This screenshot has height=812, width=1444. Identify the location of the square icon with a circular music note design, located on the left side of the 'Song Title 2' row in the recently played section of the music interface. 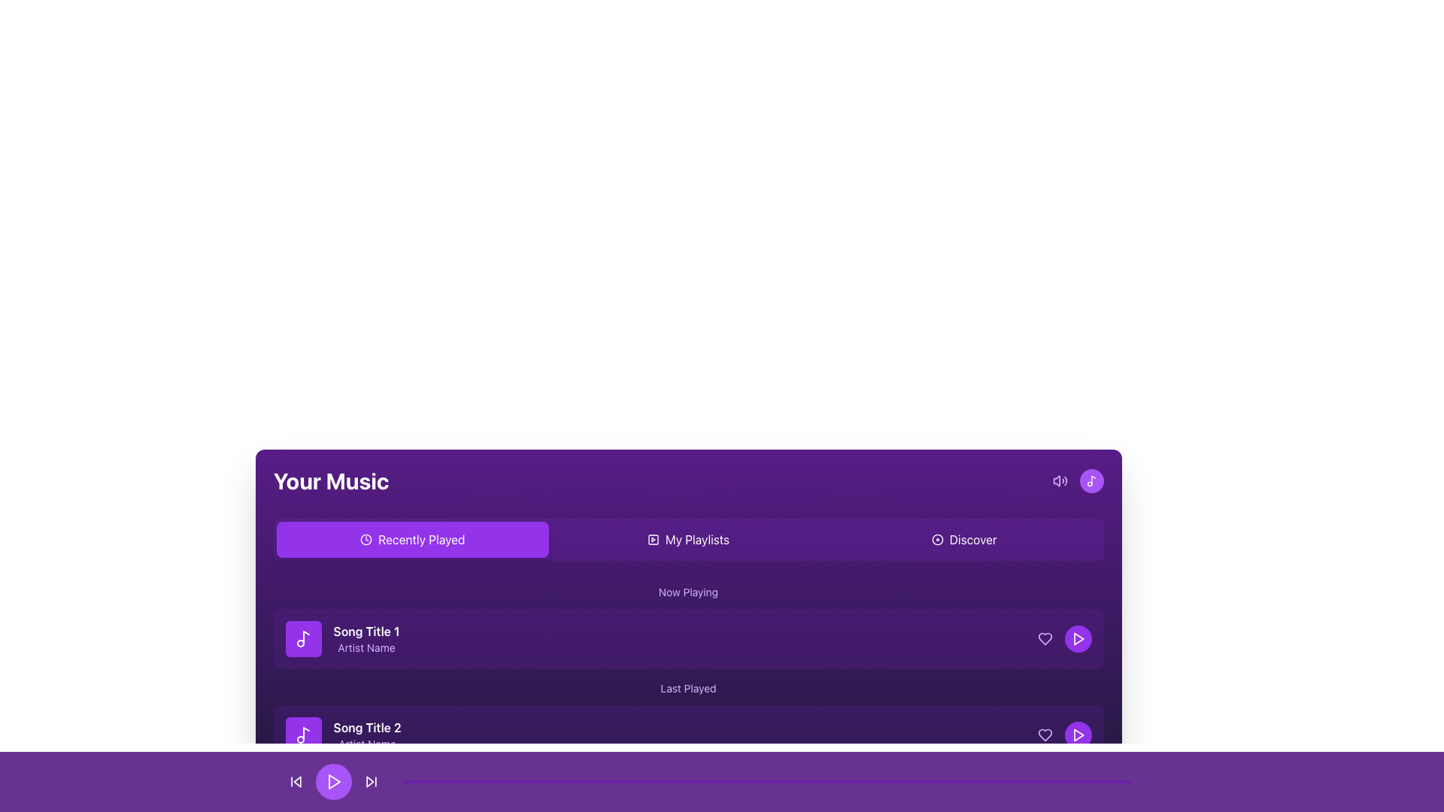
(302, 735).